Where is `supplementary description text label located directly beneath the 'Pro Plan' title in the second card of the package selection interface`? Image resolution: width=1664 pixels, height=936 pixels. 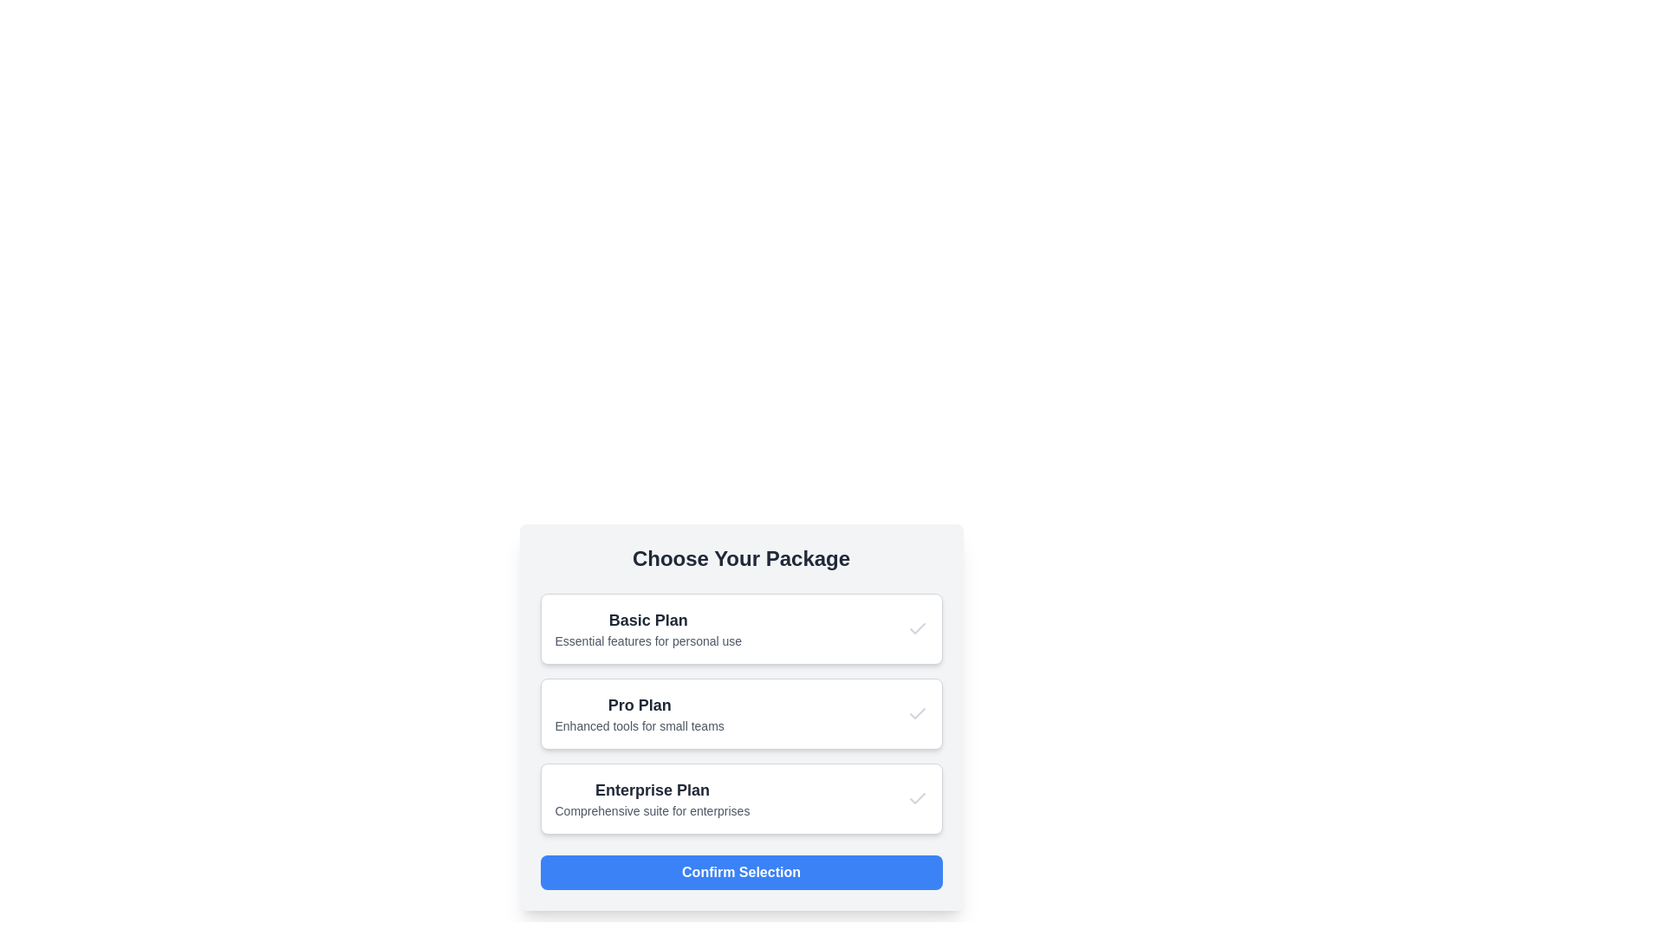 supplementary description text label located directly beneath the 'Pro Plan' title in the second card of the package selection interface is located at coordinates (639, 725).